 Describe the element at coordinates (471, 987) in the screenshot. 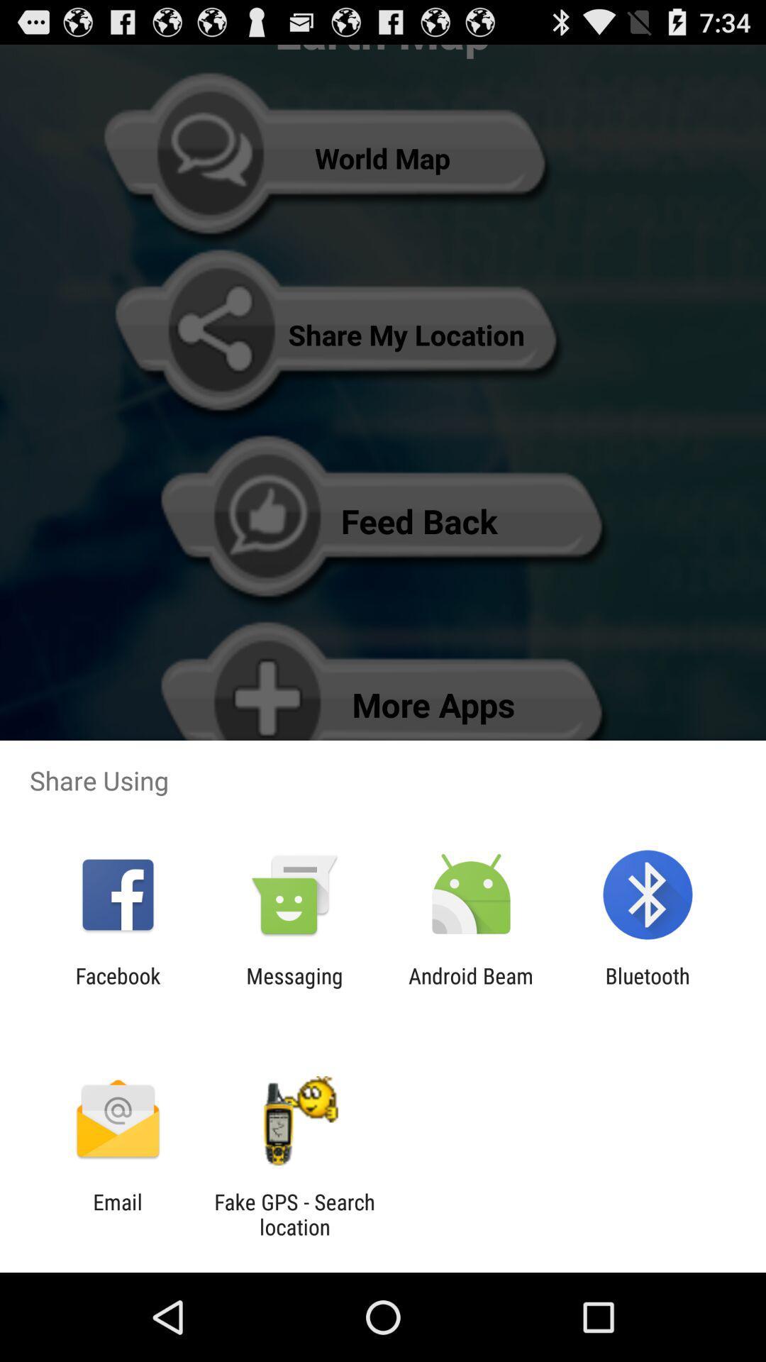

I see `the android beam app` at that location.